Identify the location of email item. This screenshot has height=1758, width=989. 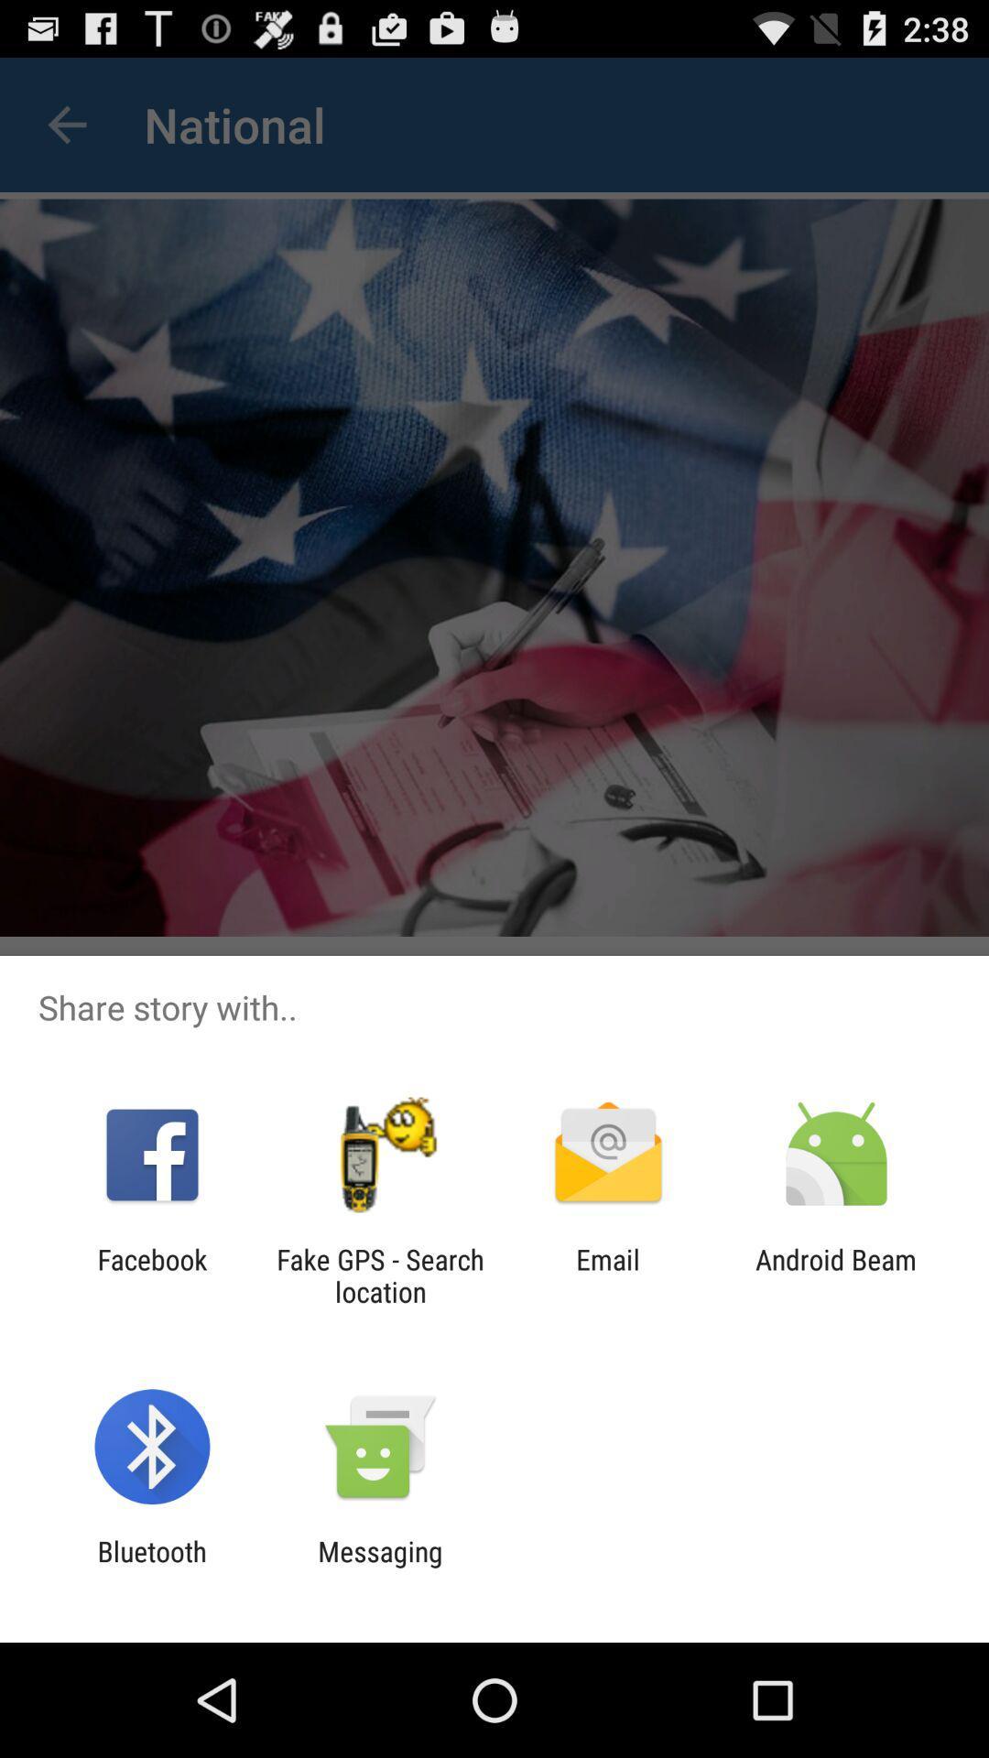
(608, 1275).